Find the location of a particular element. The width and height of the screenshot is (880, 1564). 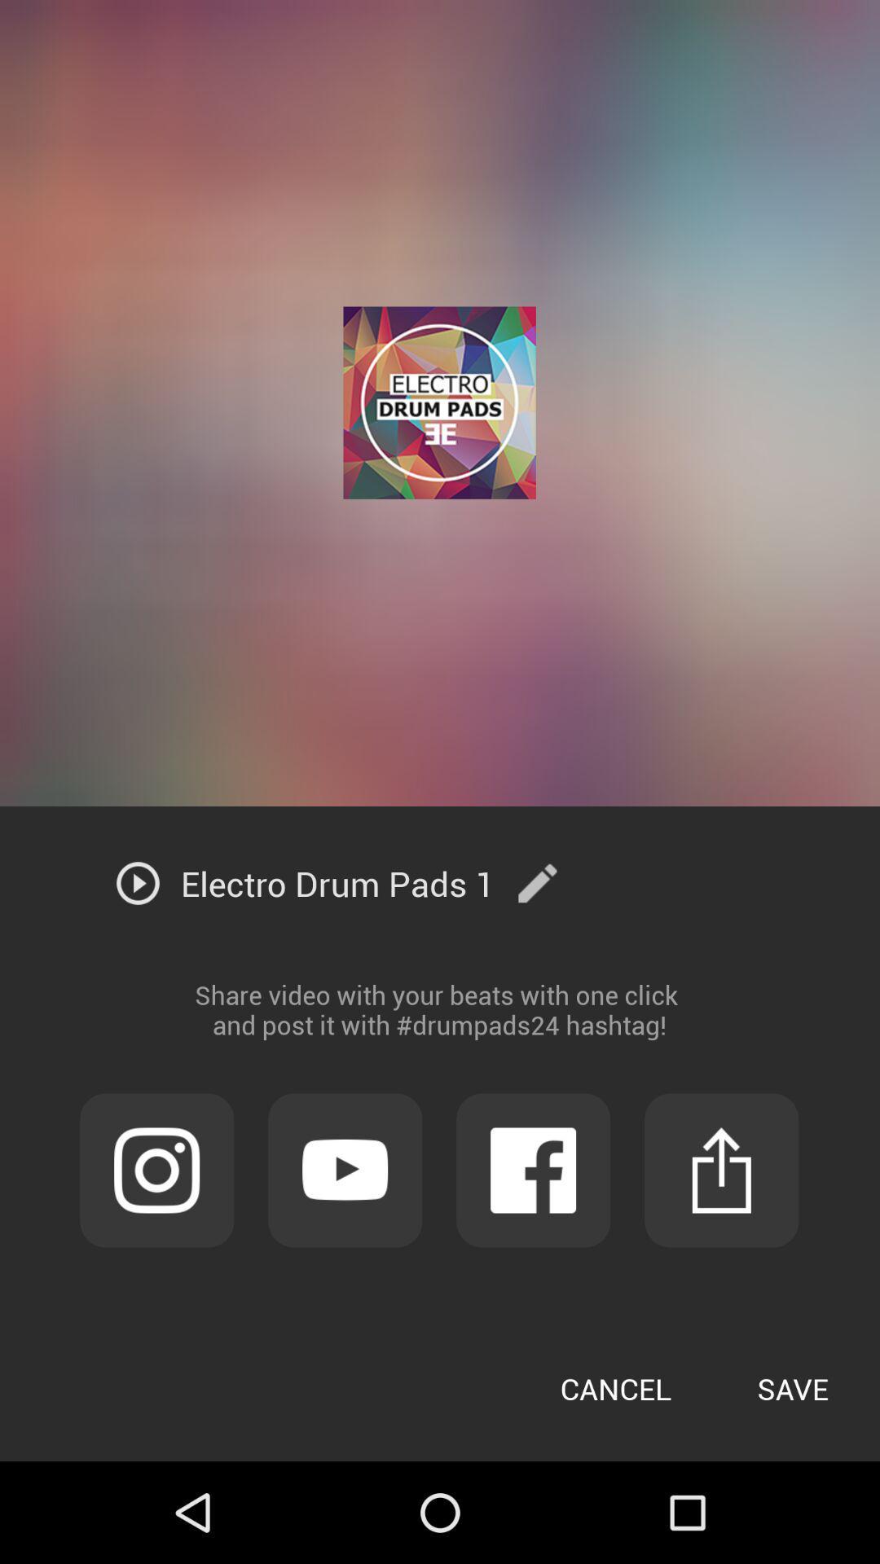

the launch icon is located at coordinates (720, 1251).